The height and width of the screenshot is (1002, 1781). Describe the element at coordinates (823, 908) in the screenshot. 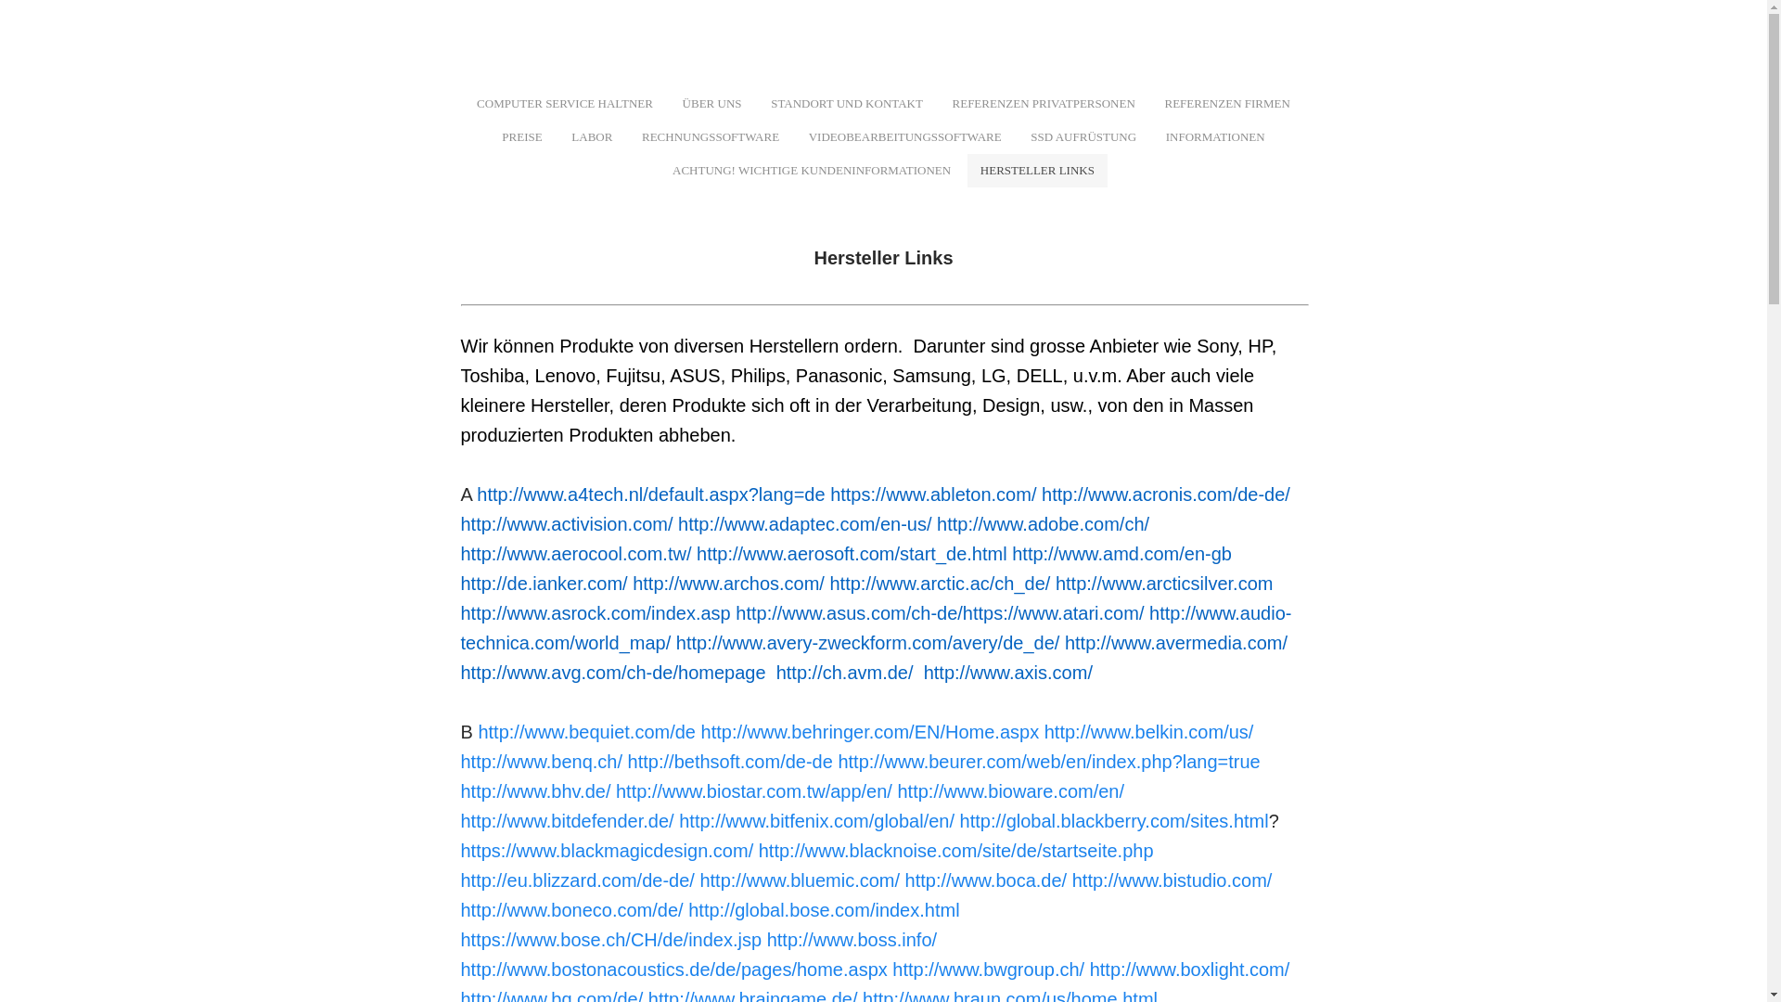

I see `'http://global.bose.com/index.html'` at that location.